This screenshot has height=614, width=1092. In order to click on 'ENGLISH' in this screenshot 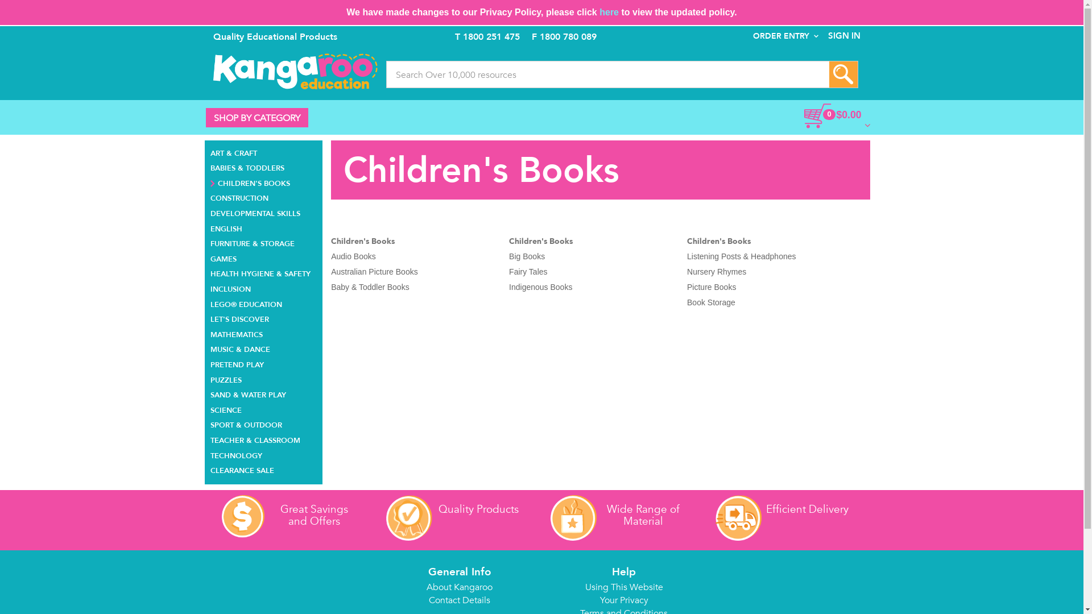, I will do `click(210, 227)`.